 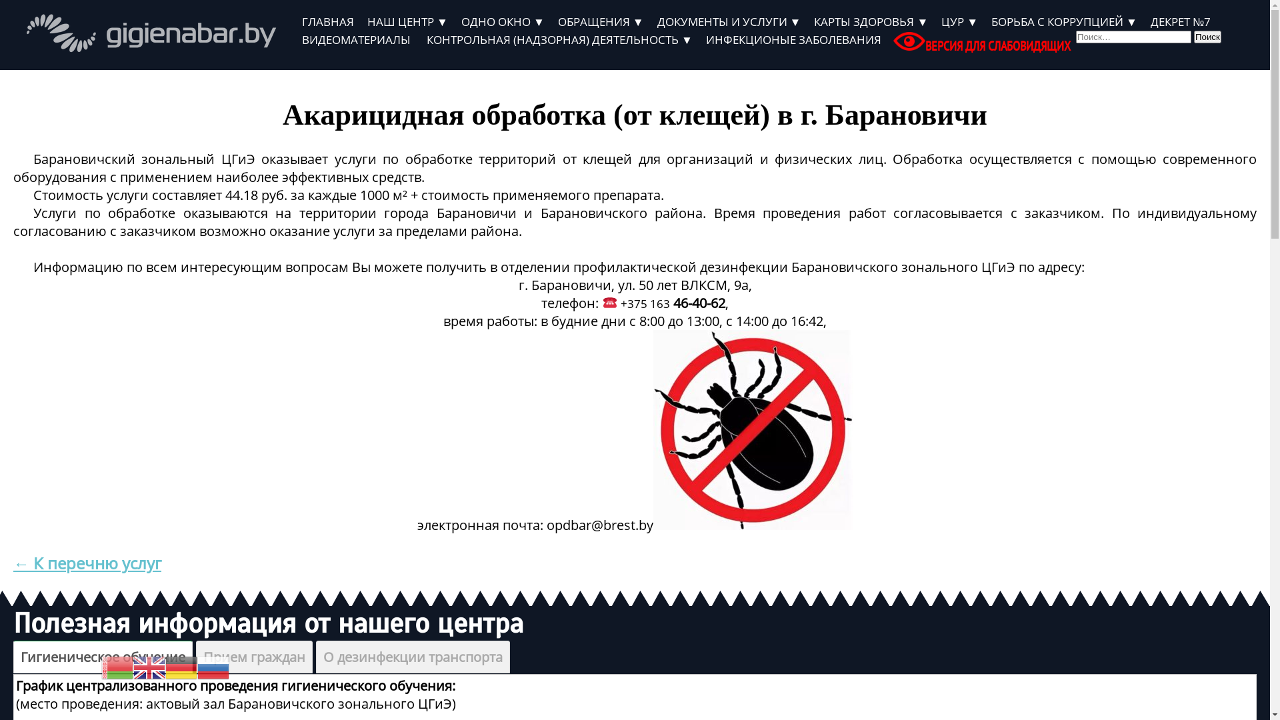 What do you see at coordinates (213, 667) in the screenshot?
I see `'Russian'` at bounding box center [213, 667].